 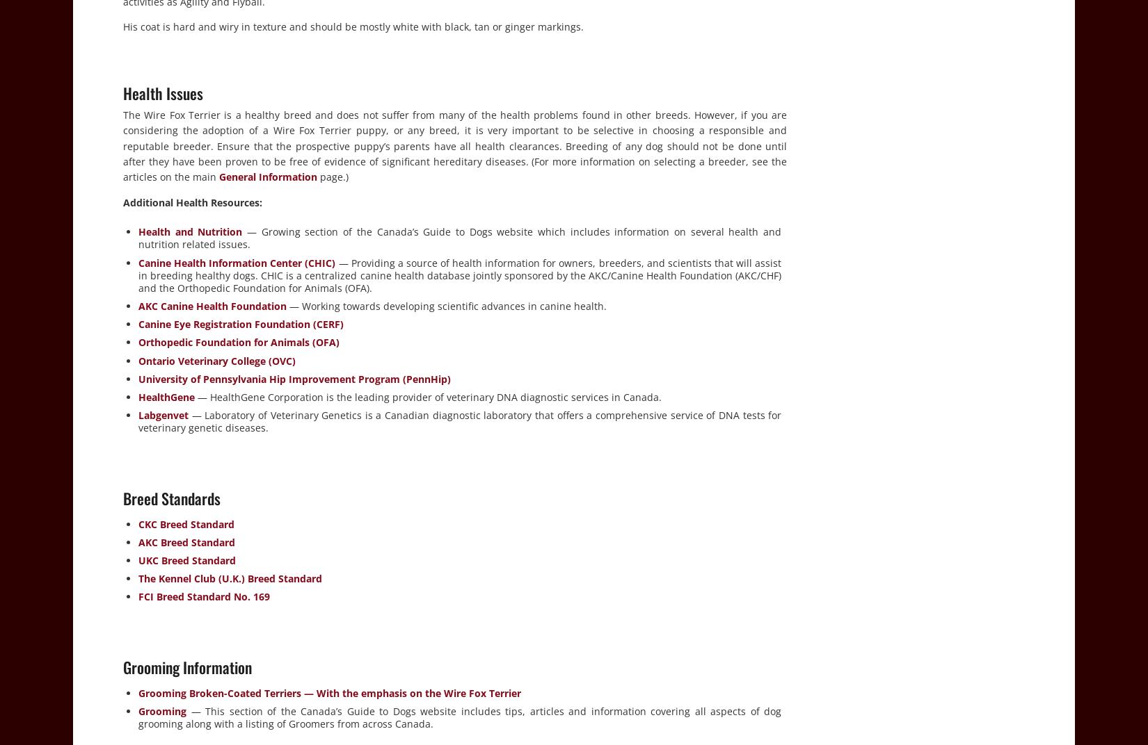 I want to click on 'AKC Canine Health Foundation', so click(x=212, y=305).